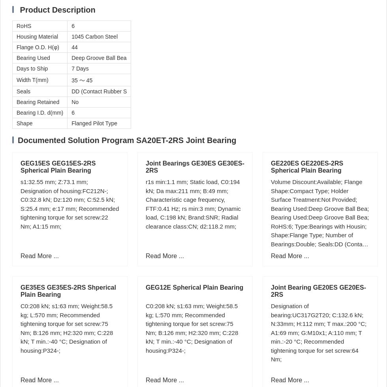  Describe the element at coordinates (24, 25) in the screenshot. I see `'RoHS'` at that location.